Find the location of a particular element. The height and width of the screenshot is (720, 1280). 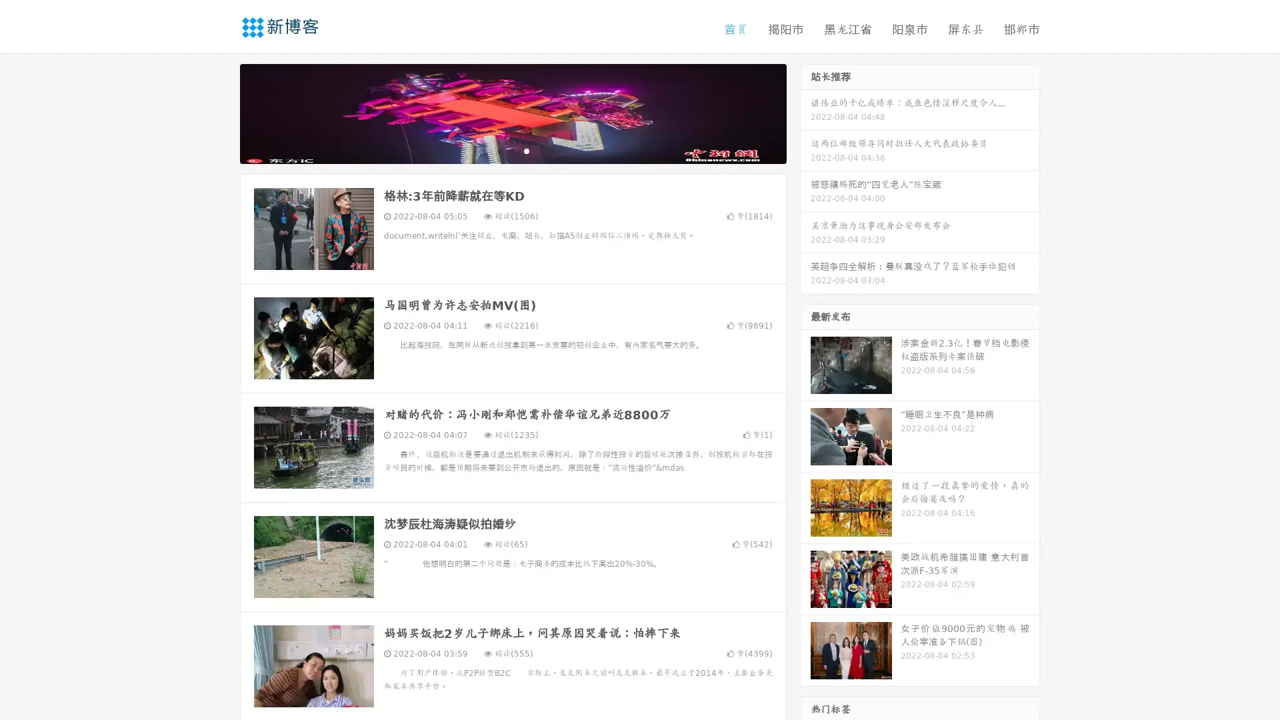

Go to slide 3 is located at coordinates (526, 150).